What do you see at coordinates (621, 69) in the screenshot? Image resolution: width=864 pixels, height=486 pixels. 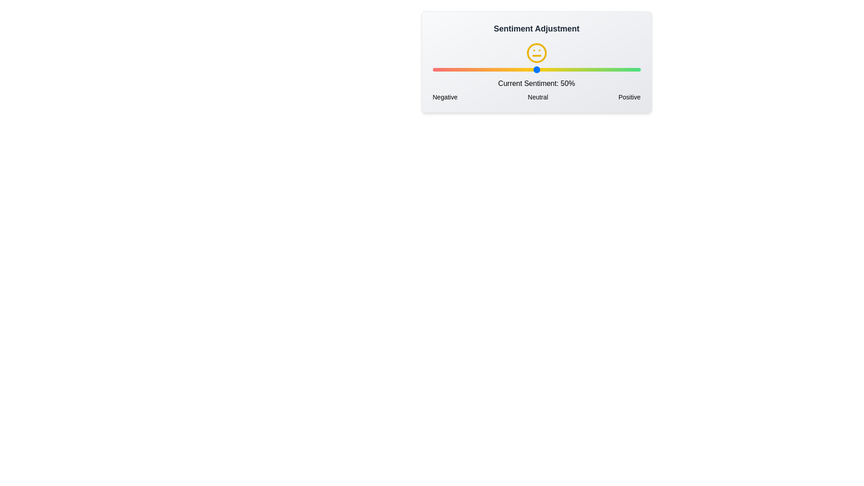 I see `the sentiment slider to 91%` at bounding box center [621, 69].